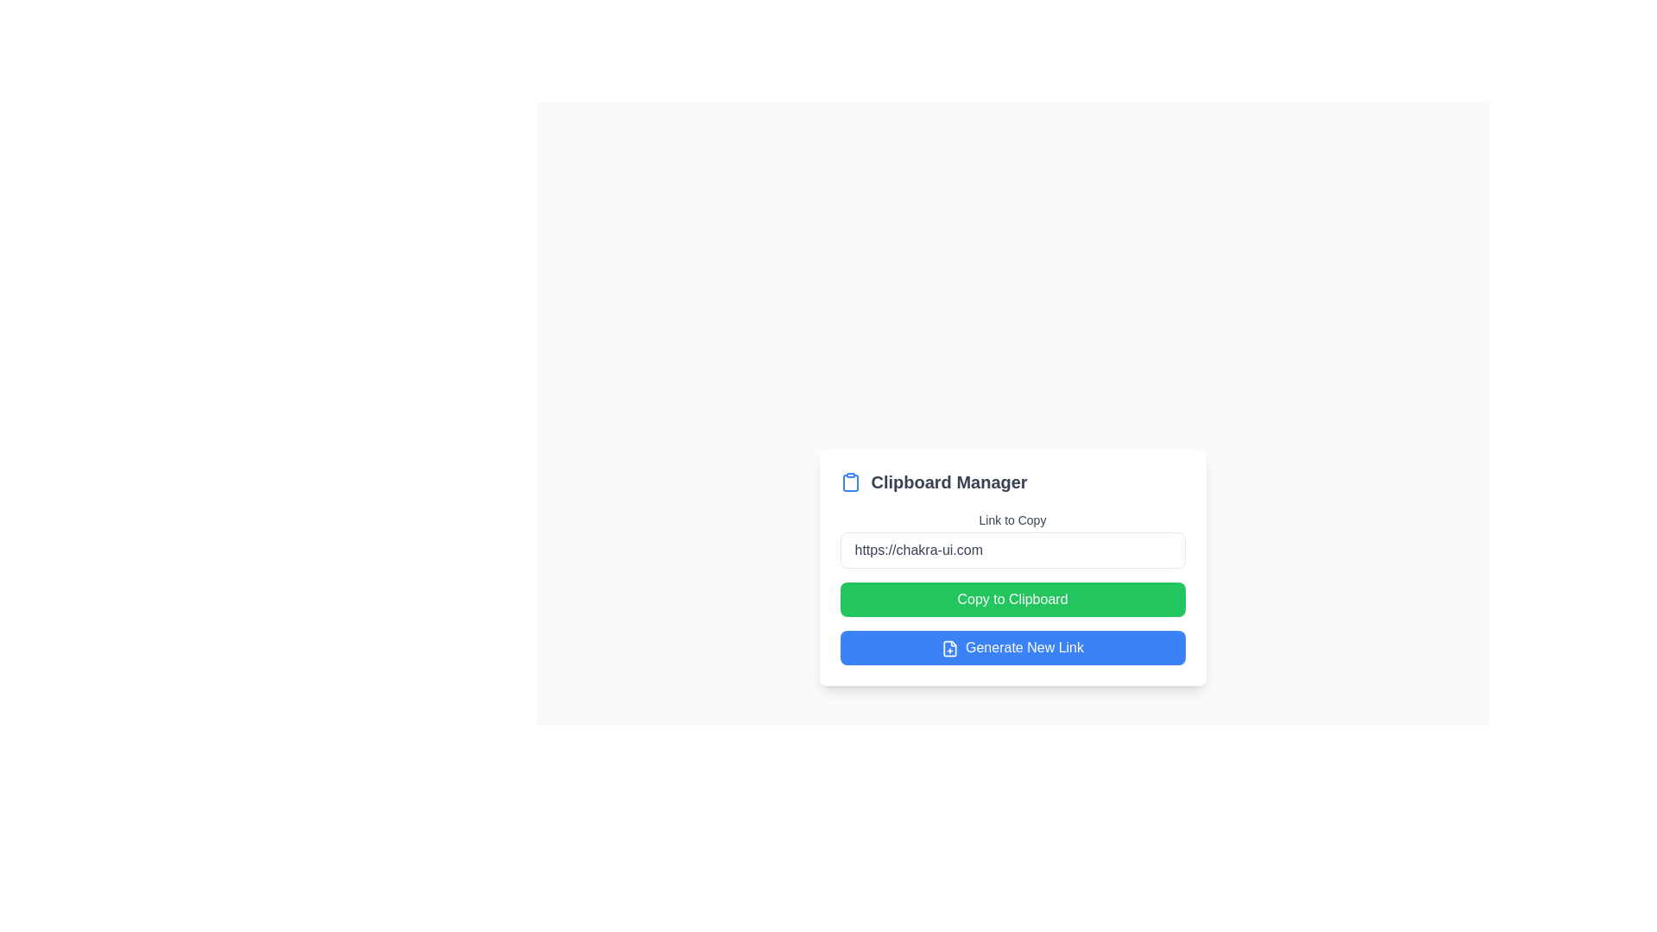 This screenshot has height=932, width=1657. Describe the element at coordinates (1012, 519) in the screenshot. I see `the static text label that describes the input field for the link to copy, which is positioned above the input box containing 'https://chakra-ui.com'` at that location.